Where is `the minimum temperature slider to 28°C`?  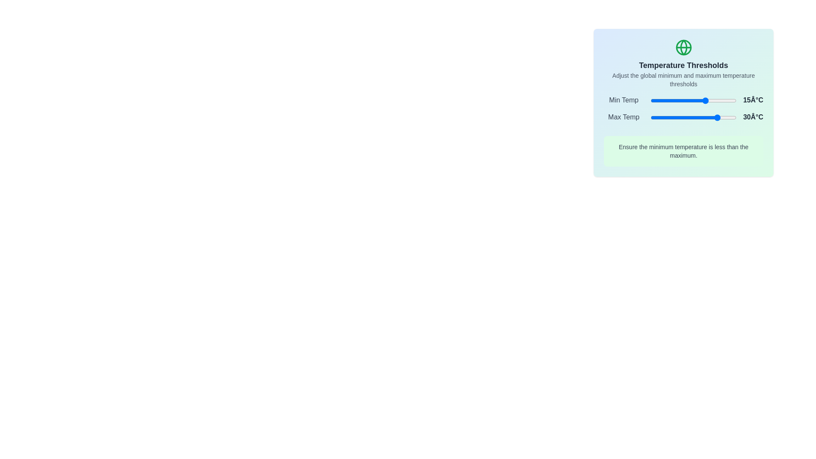 the minimum temperature slider to 28°C is located at coordinates (717, 100).